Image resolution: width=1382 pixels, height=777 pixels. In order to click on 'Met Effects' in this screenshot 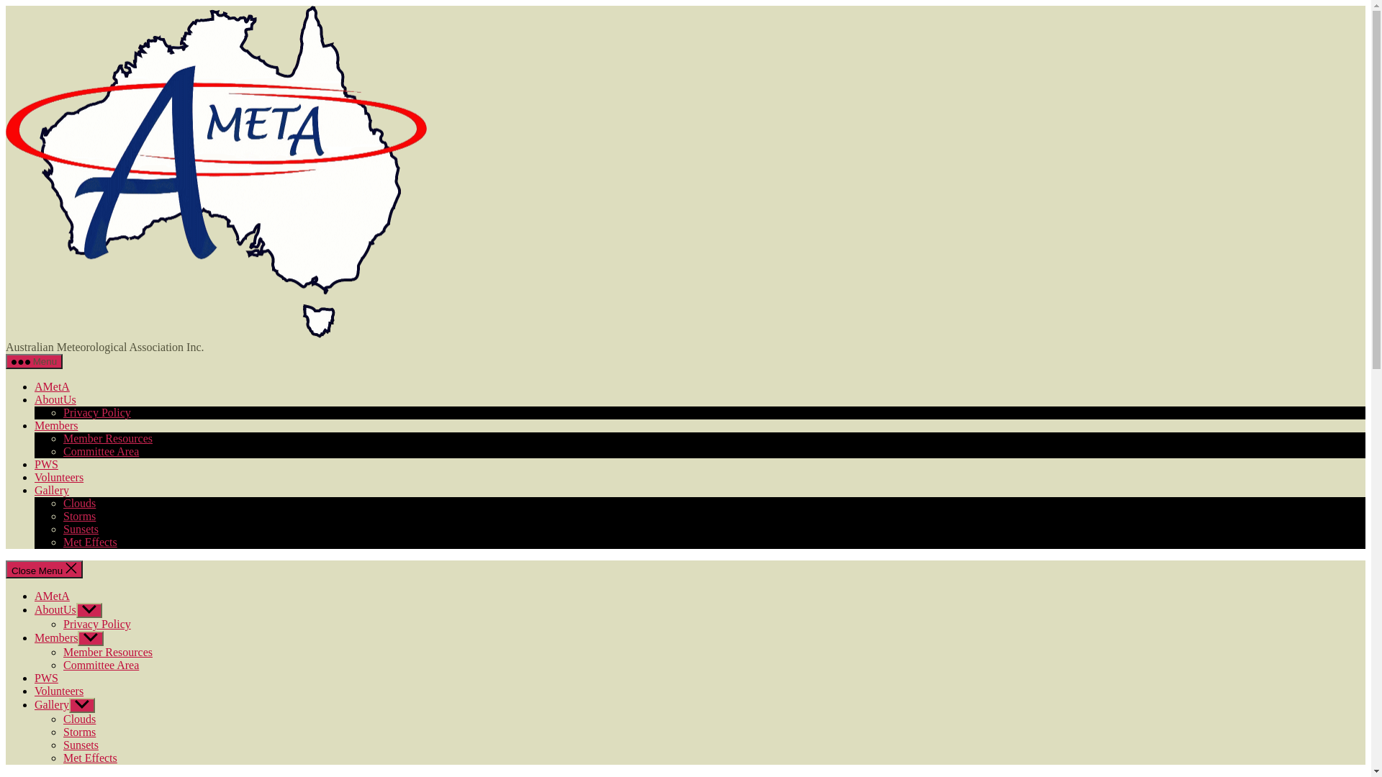, I will do `click(62, 542)`.